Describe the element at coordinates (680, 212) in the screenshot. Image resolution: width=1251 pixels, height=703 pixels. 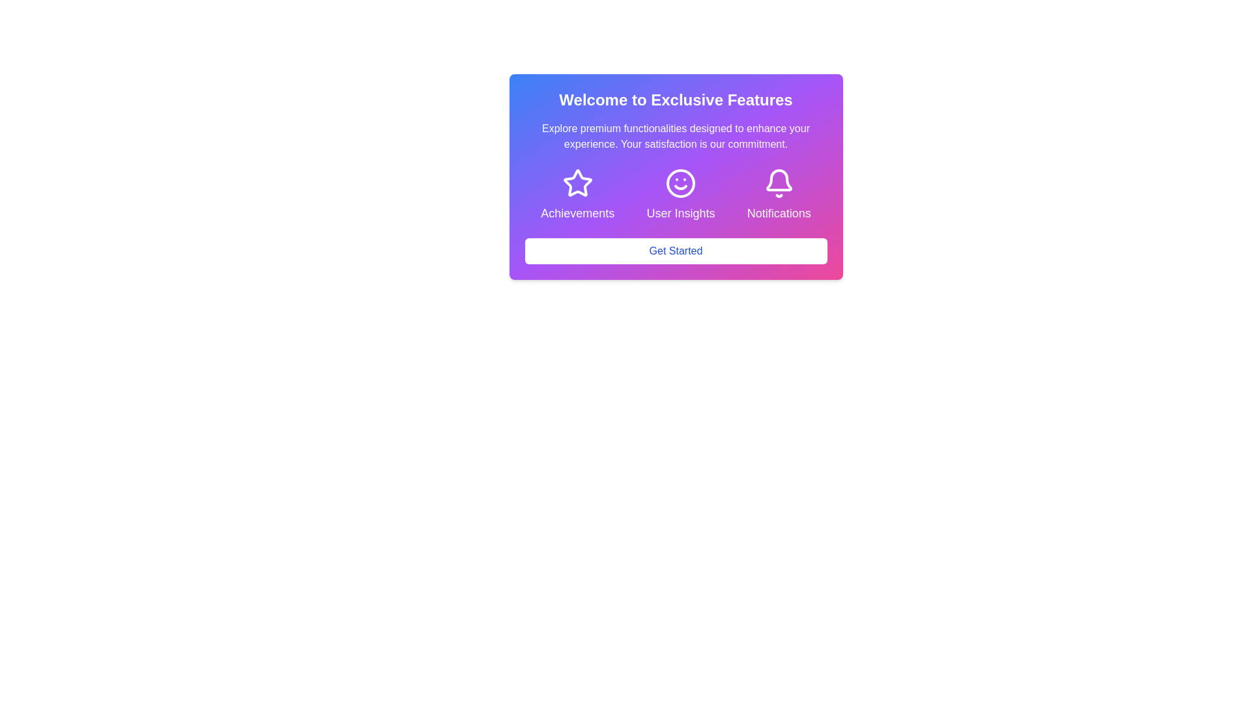
I see `the label that indicates access to insights or analytical information, positioned directly below the smiley face icon in the middle of the three-column layout under 'Welcome to Exclusive Features.'` at that location.